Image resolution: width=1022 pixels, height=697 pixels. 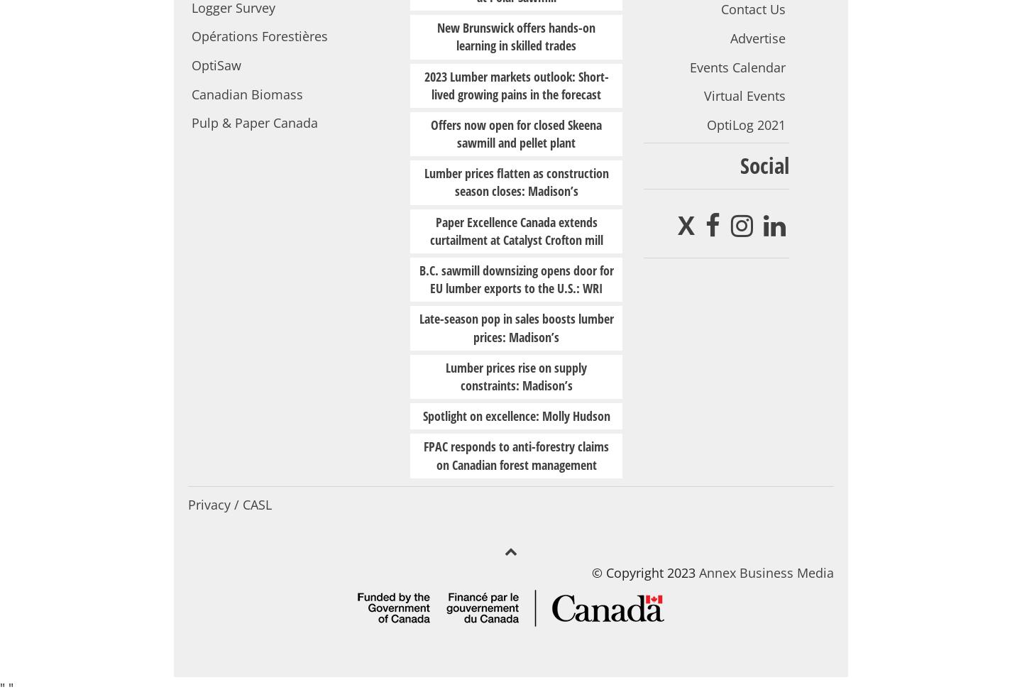 I want to click on 'Pulp & Paper Canada', so click(x=254, y=122).